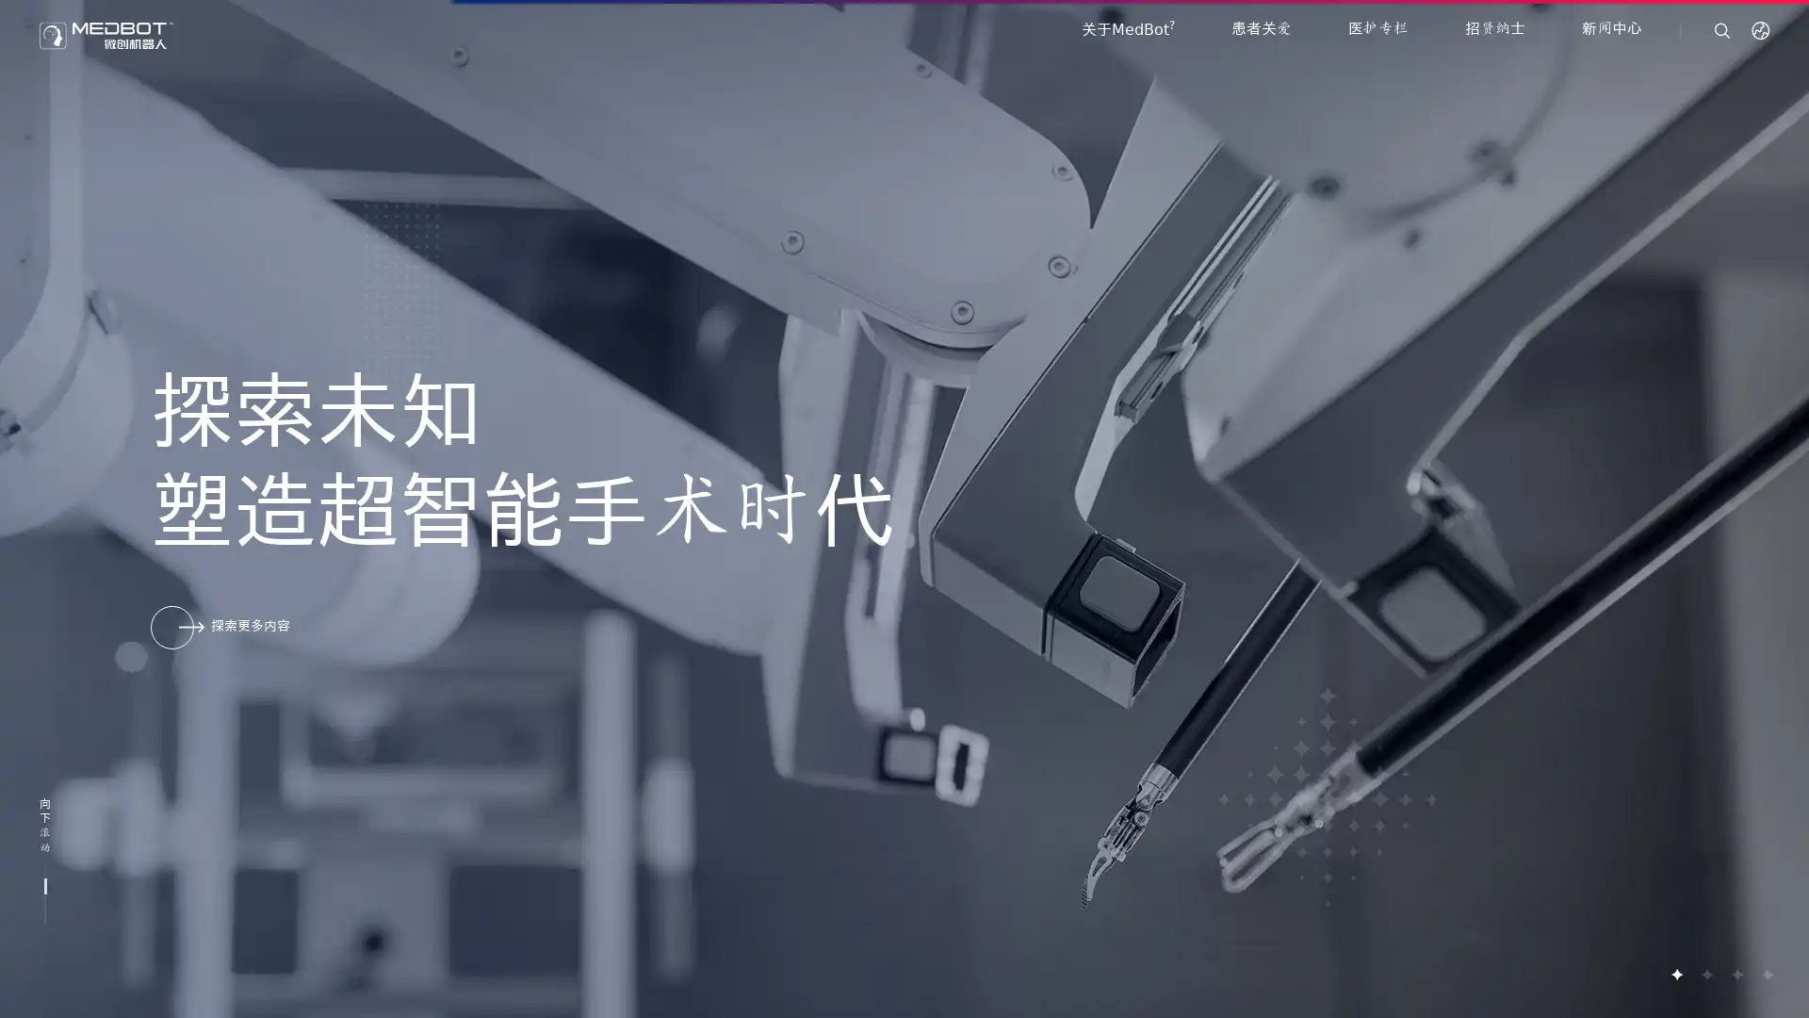  Describe the element at coordinates (1705, 974) in the screenshot. I see `Go to slide 2` at that location.